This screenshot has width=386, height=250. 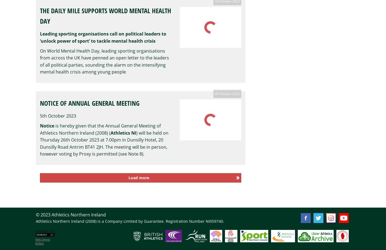 I want to click on 'The Daily Mile supports World Mental Health Day', so click(x=106, y=16).